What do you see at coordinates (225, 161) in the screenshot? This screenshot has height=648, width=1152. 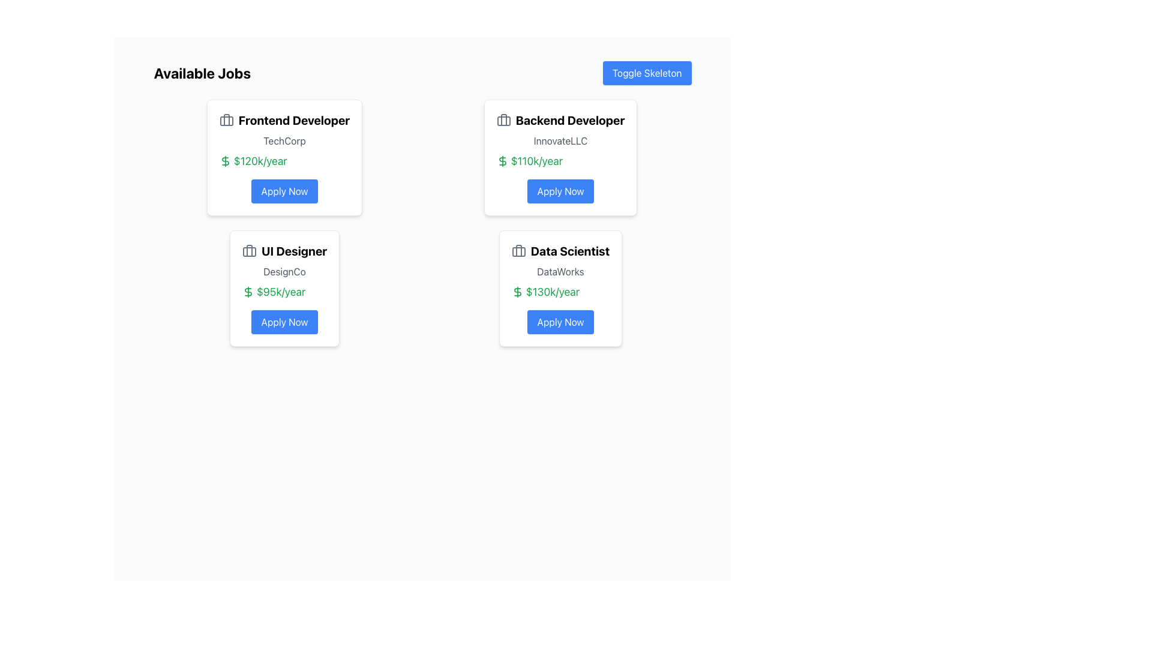 I see `the dollar icon located to the left of the salary information ('$120k/year') within the 'Frontend Developer' job card in the top-left section of the job postings grid` at bounding box center [225, 161].